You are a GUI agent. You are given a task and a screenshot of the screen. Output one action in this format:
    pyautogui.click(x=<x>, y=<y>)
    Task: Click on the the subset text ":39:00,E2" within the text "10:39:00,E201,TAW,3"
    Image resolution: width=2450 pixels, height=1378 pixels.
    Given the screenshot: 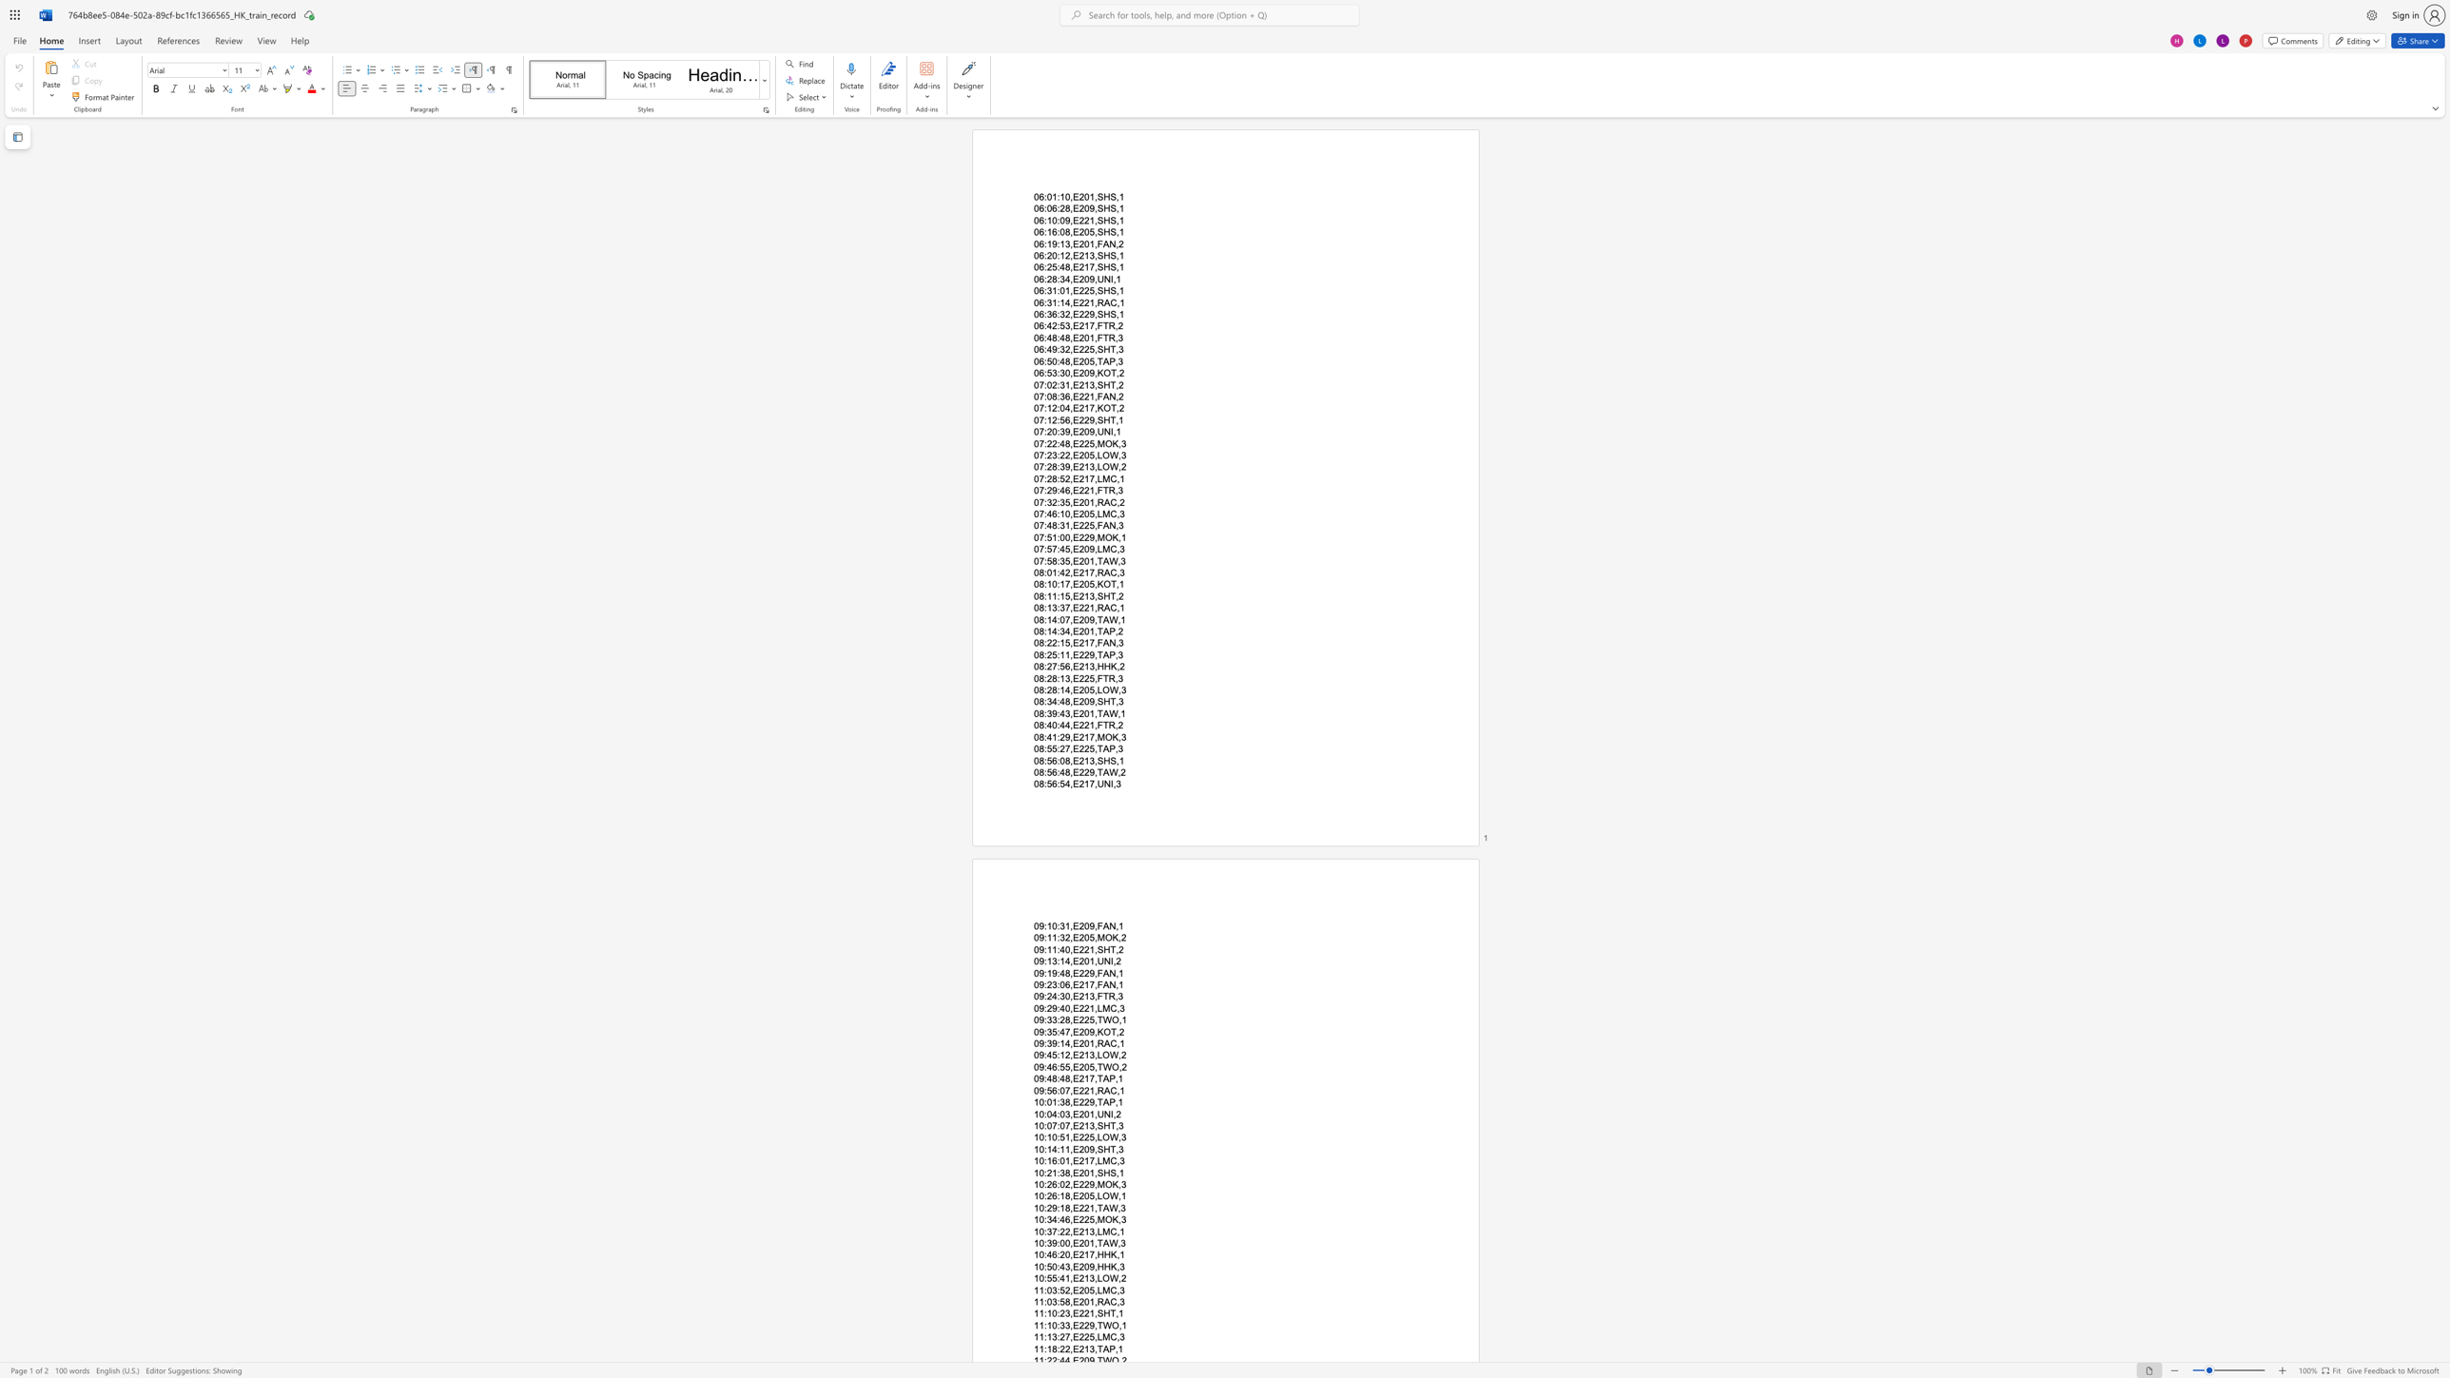 What is the action you would take?
    pyautogui.click(x=1043, y=1242)
    